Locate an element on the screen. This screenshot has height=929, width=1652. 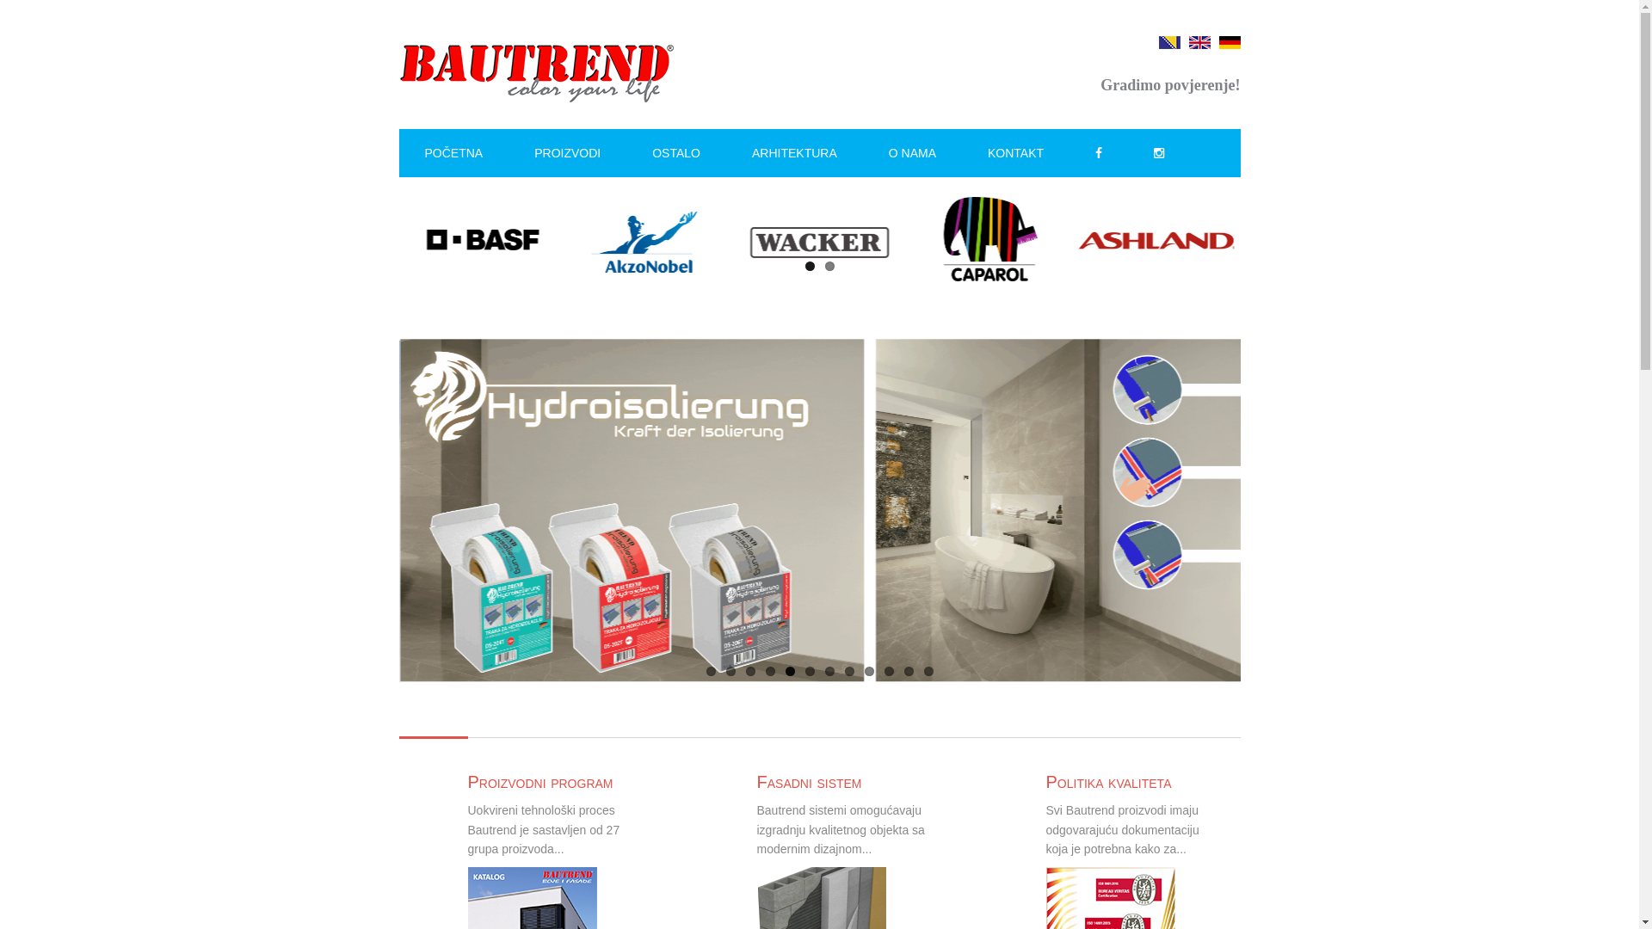
'OSTALO' is located at coordinates (675, 151).